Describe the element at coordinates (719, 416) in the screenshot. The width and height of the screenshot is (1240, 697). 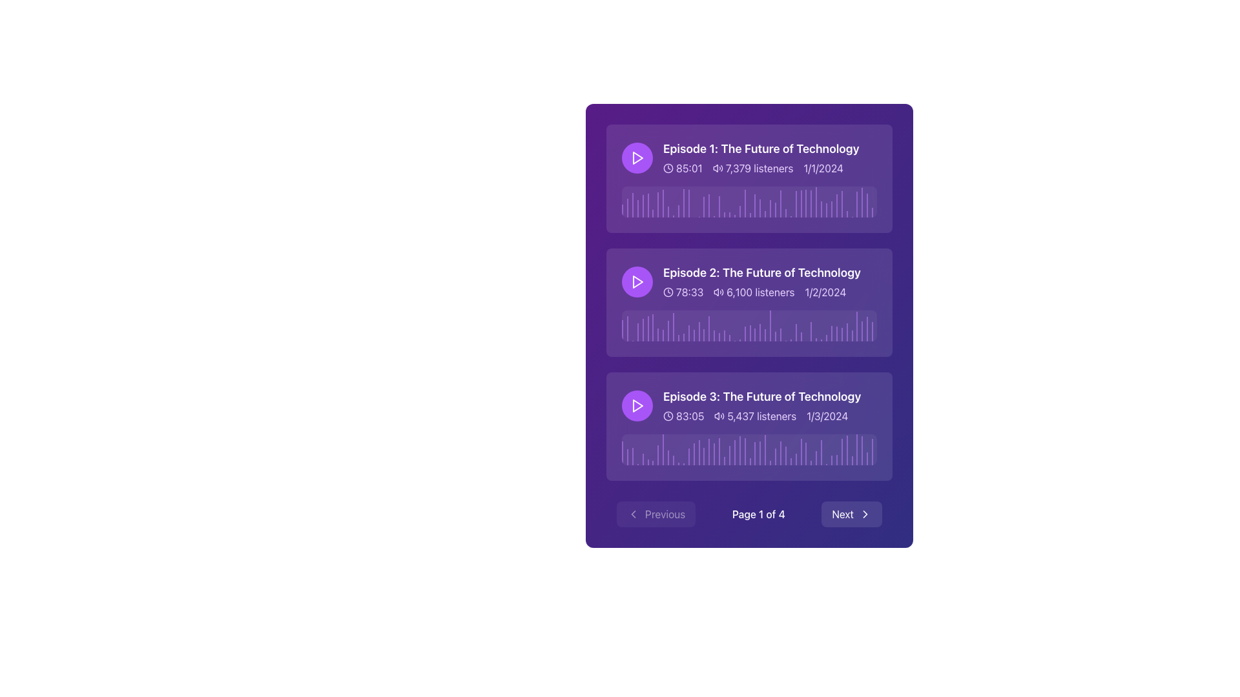
I see `the small speaker icon with sound waves, located to the immediate left of the text '5,437 listeners' in the third content block under the title 'Episode 3: The Future of Technology'` at that location.